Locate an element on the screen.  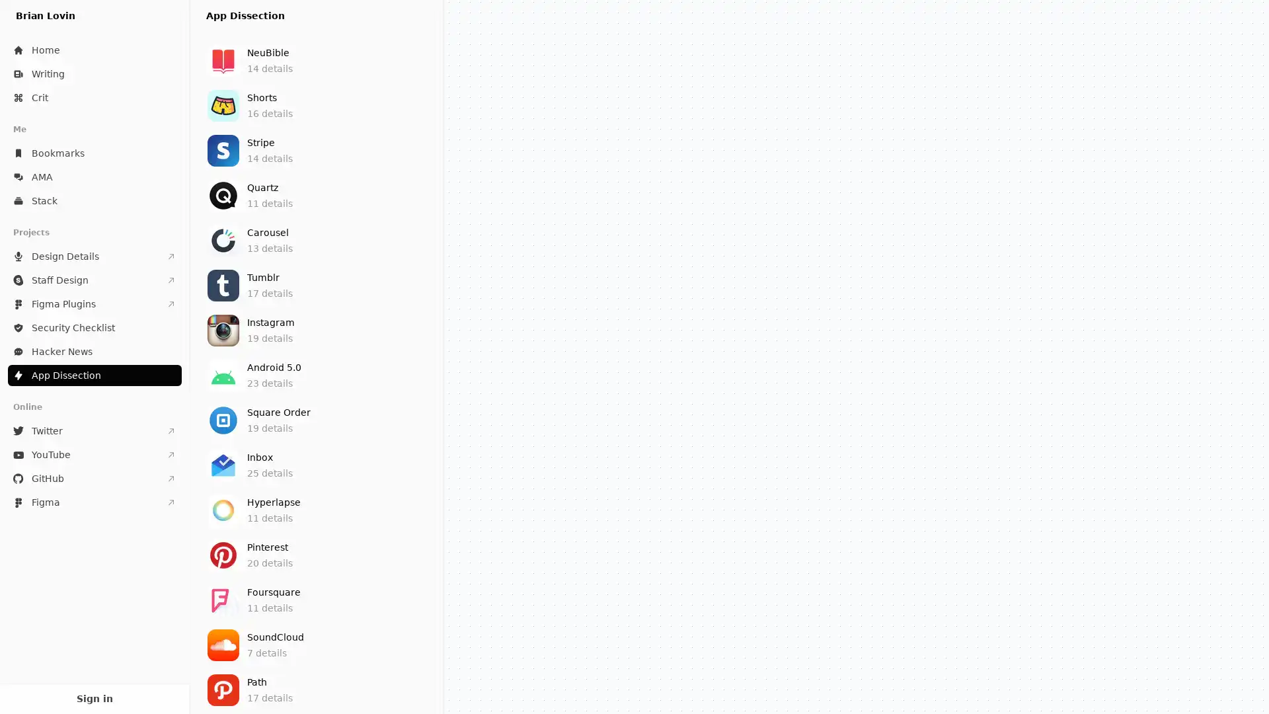
Sign in is located at coordinates (94, 697).